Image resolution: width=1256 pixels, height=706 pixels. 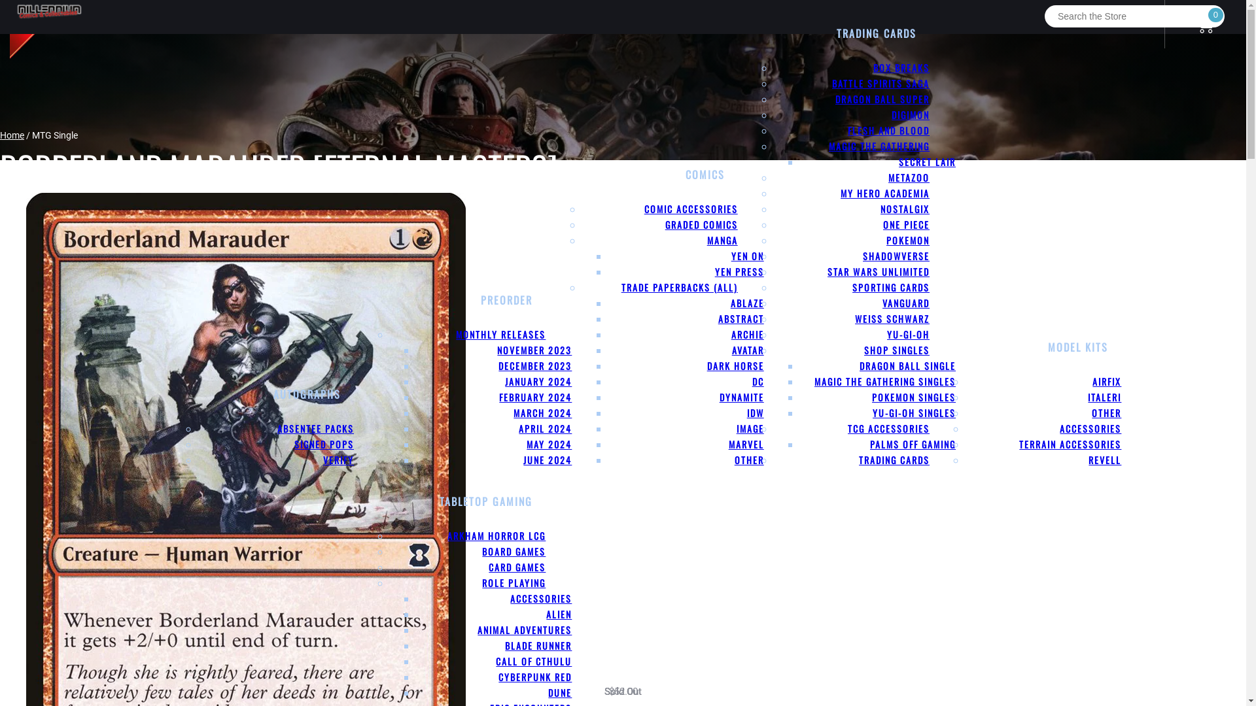 I want to click on 'ABSTRACT', so click(x=741, y=318).